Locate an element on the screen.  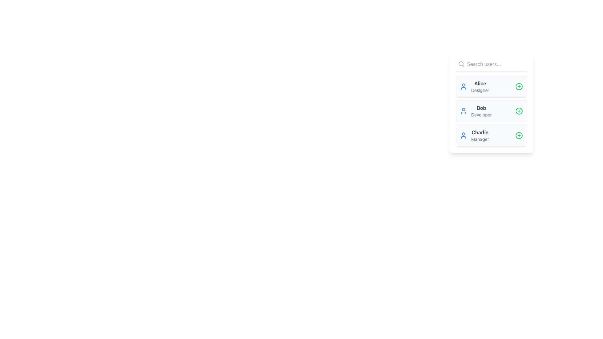
the third list item containing user information with the name 'Charlie' and the role 'Manager' is located at coordinates (491, 135).